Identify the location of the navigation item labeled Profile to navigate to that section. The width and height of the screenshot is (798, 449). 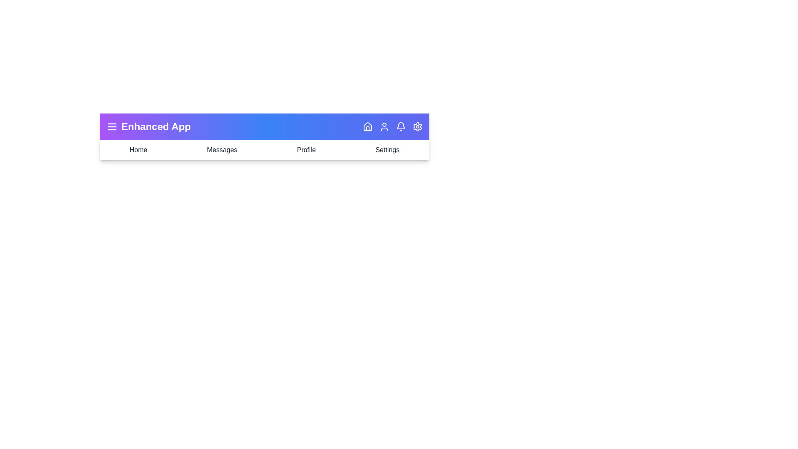
(306, 150).